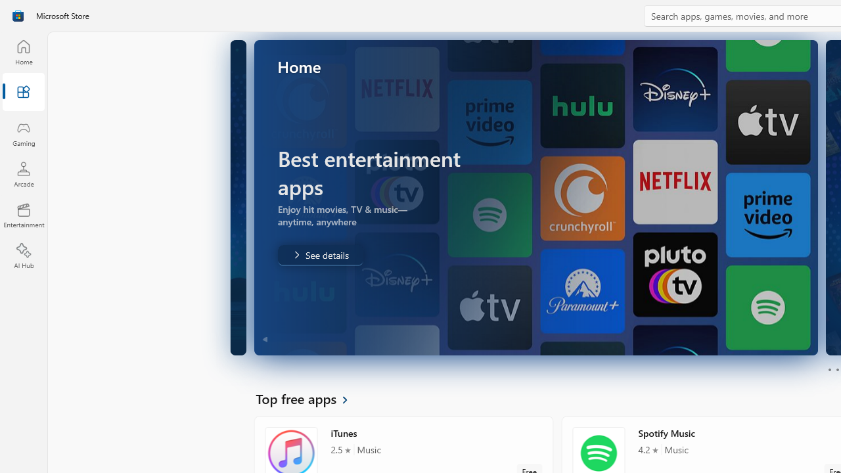  I want to click on 'Entertainment', so click(23, 214).